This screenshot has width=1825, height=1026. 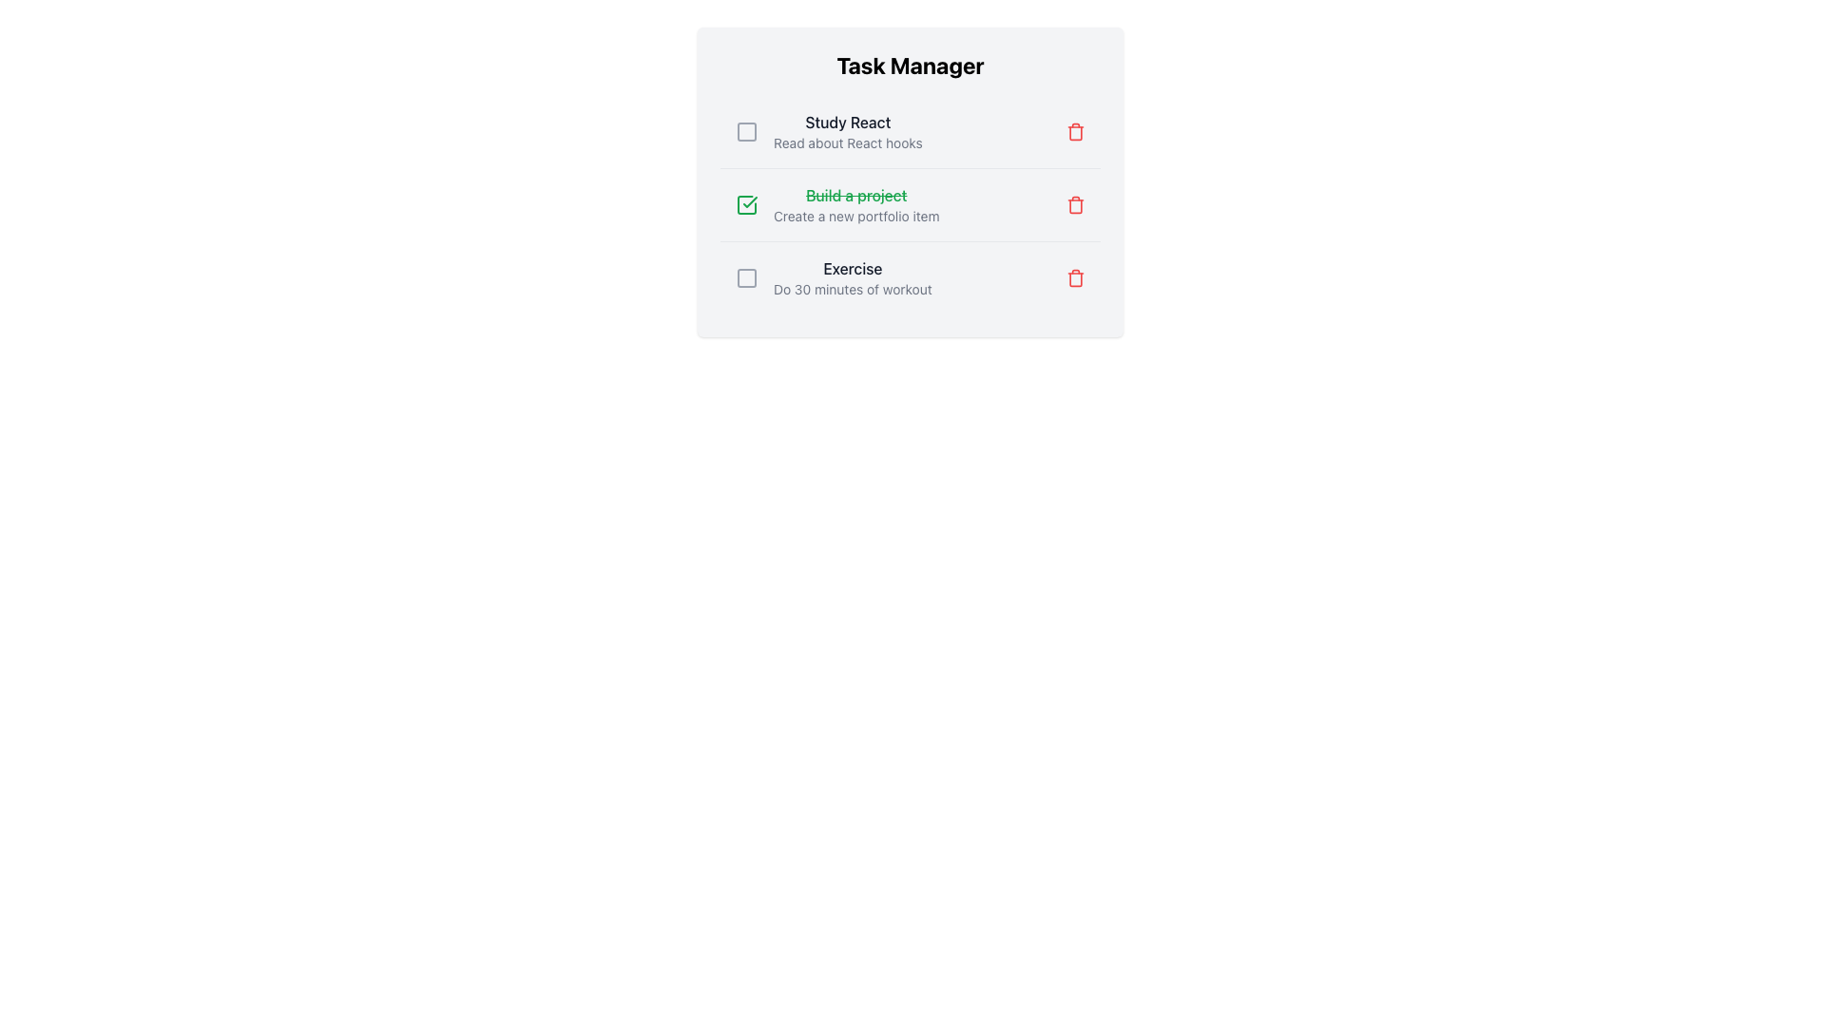 What do you see at coordinates (847, 122) in the screenshot?
I see `on the title text label of the first task item in the 'Task Manager' list interface` at bounding box center [847, 122].